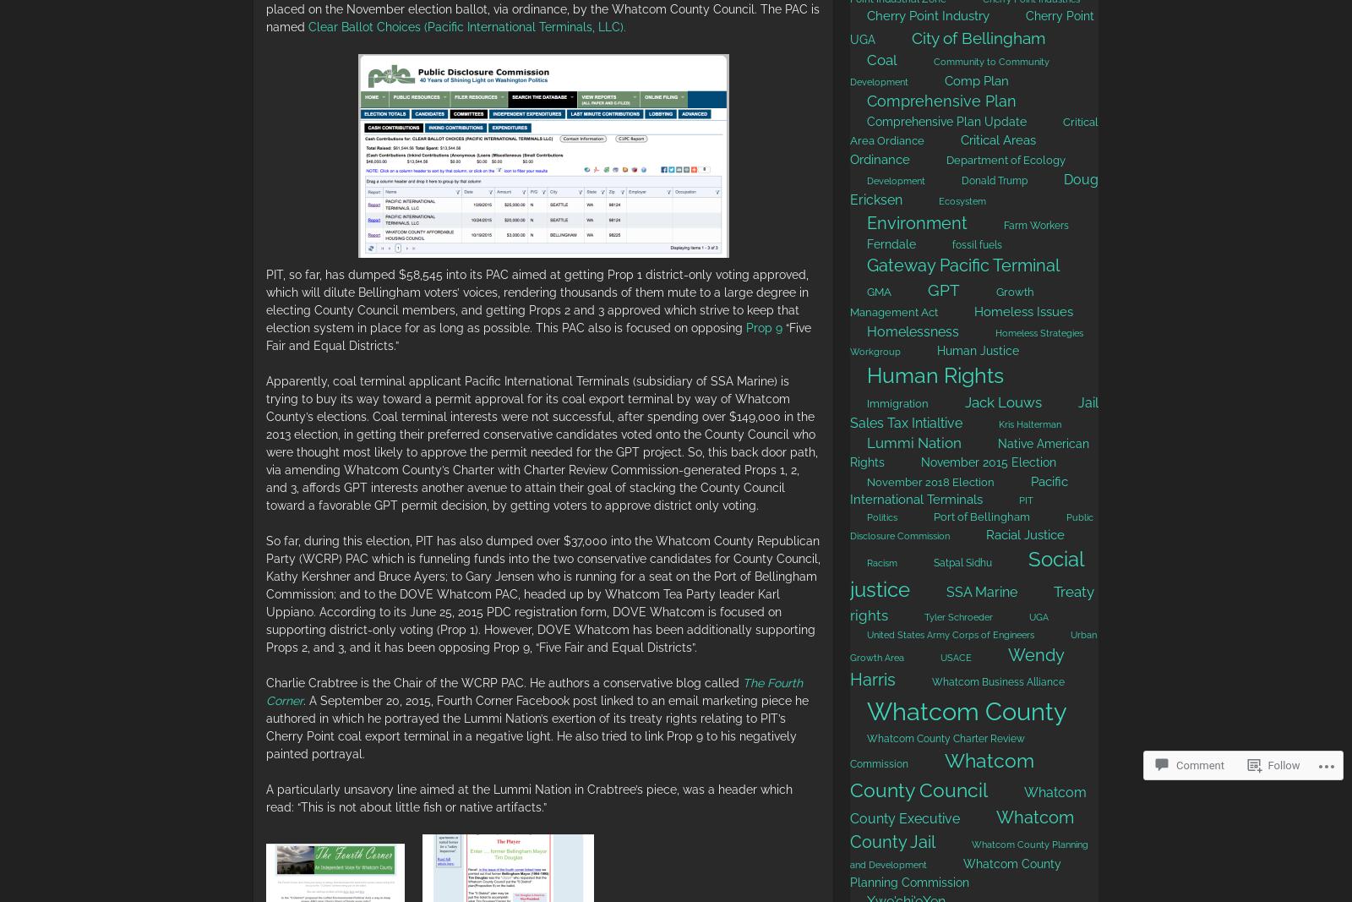 The width and height of the screenshot is (1352, 902). What do you see at coordinates (917, 222) in the screenshot?
I see `'Environment'` at bounding box center [917, 222].